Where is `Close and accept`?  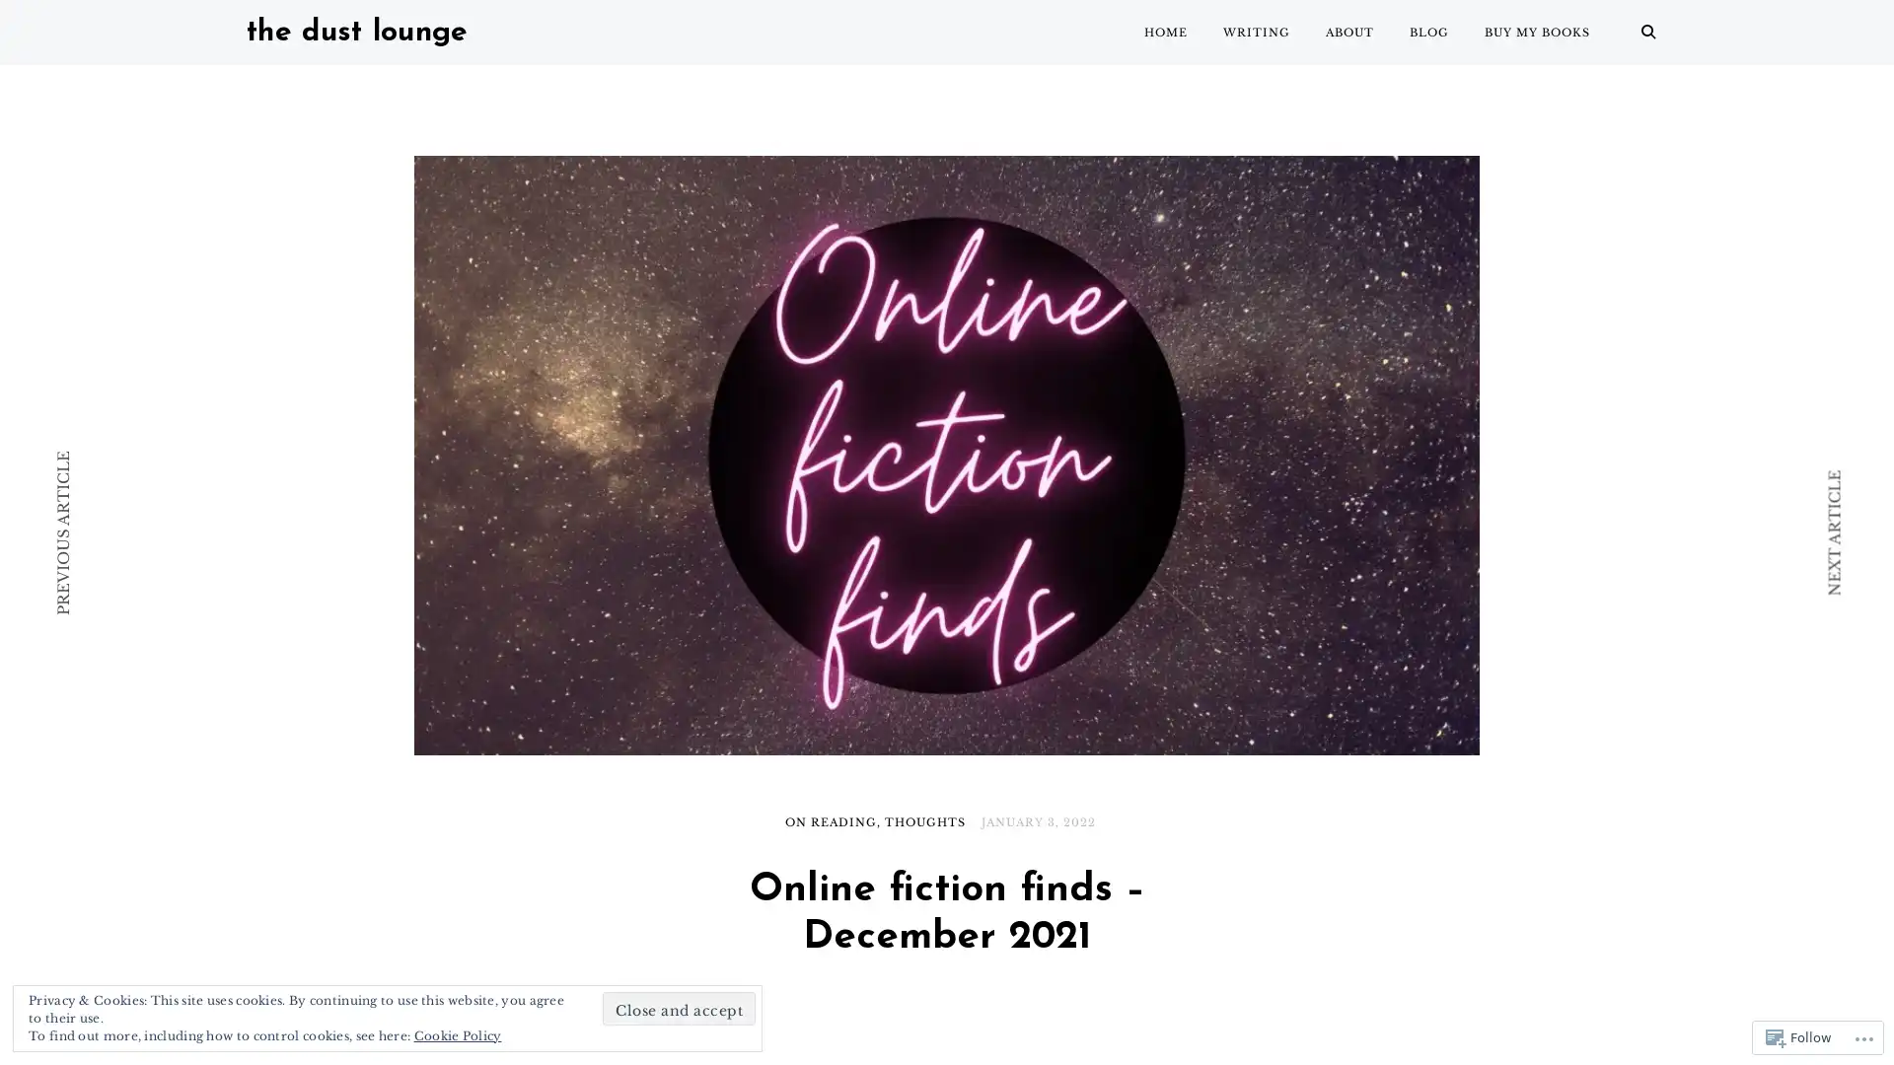 Close and accept is located at coordinates (679, 1008).